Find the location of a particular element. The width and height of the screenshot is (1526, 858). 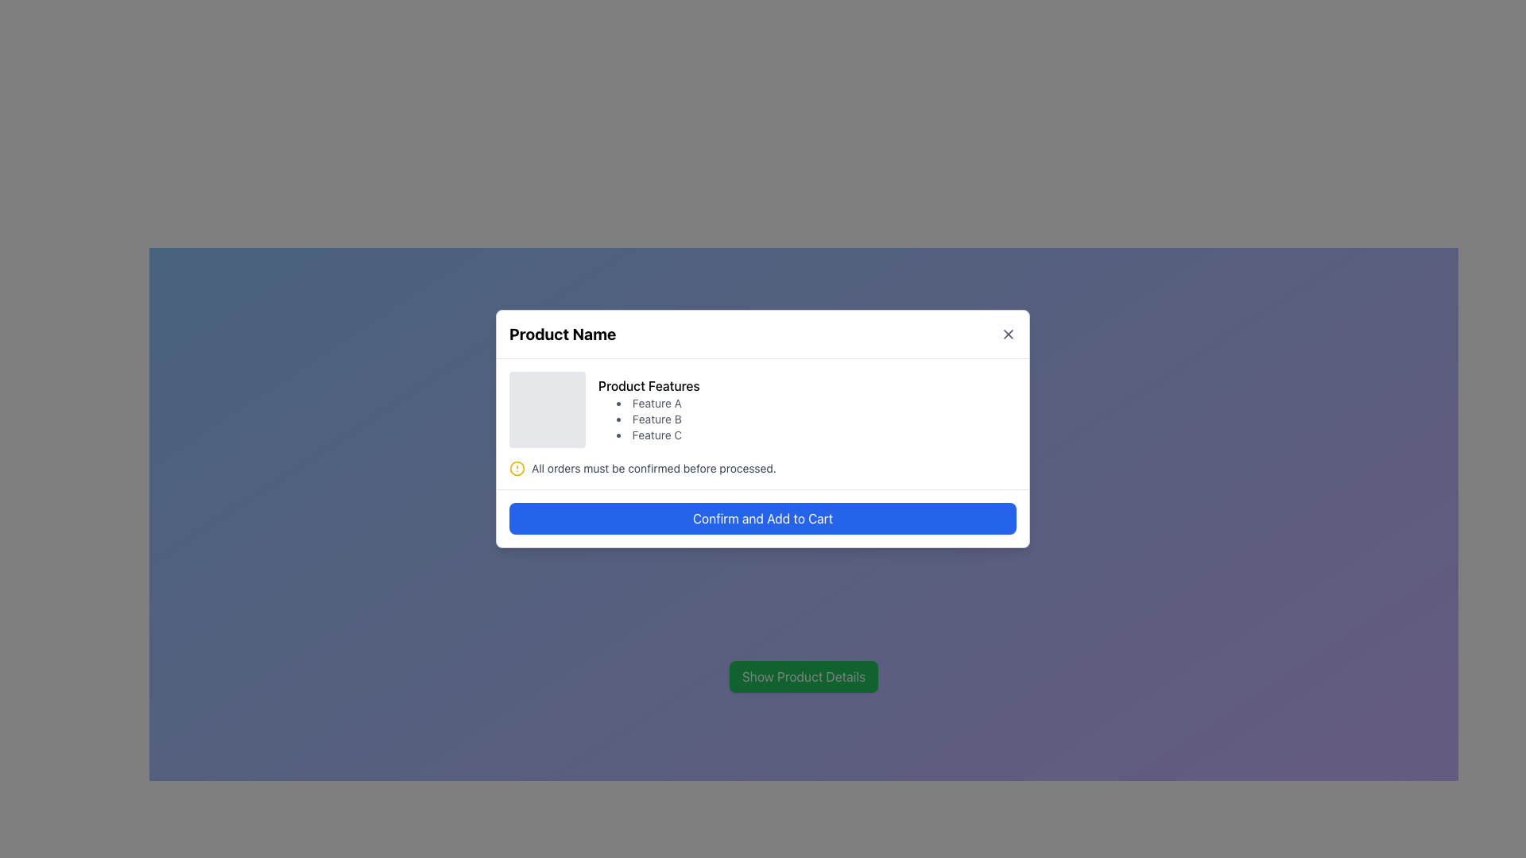

keyboard navigation is located at coordinates (1007, 333).